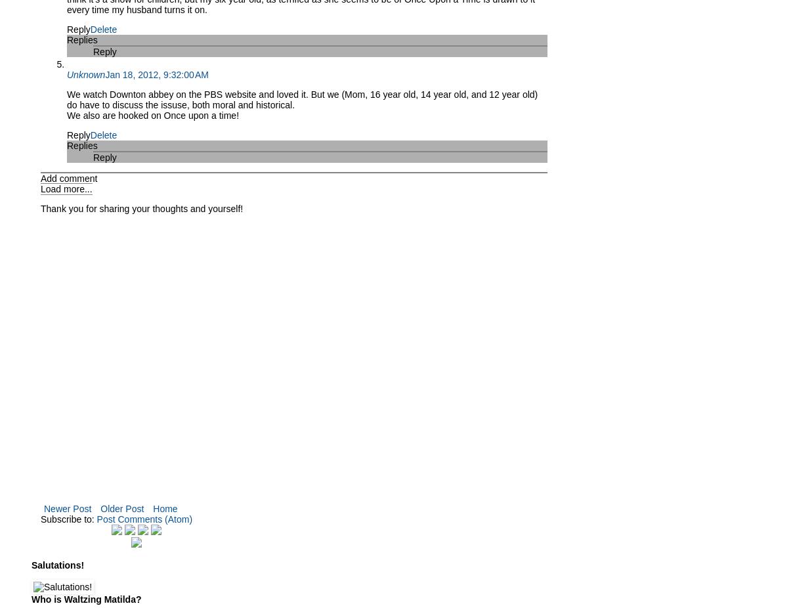  Describe the element at coordinates (68, 519) in the screenshot. I see `'Subscribe to:'` at that location.